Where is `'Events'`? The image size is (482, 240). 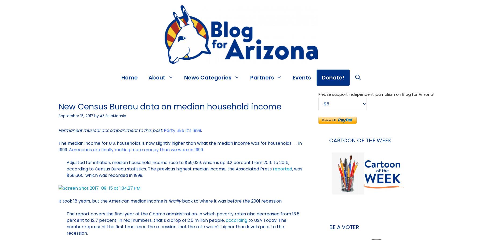 'Events' is located at coordinates (292, 77).